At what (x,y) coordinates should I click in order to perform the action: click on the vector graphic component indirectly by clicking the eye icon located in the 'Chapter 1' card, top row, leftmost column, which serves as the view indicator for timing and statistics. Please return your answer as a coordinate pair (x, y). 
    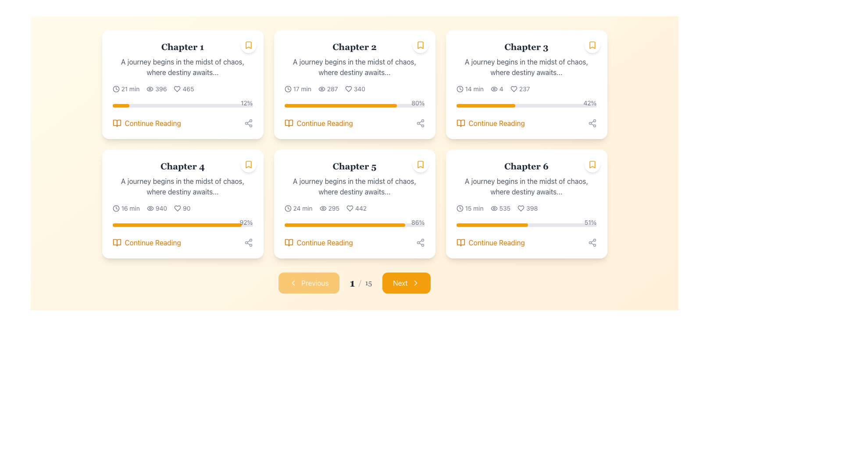
    Looking at the image, I should click on (150, 89).